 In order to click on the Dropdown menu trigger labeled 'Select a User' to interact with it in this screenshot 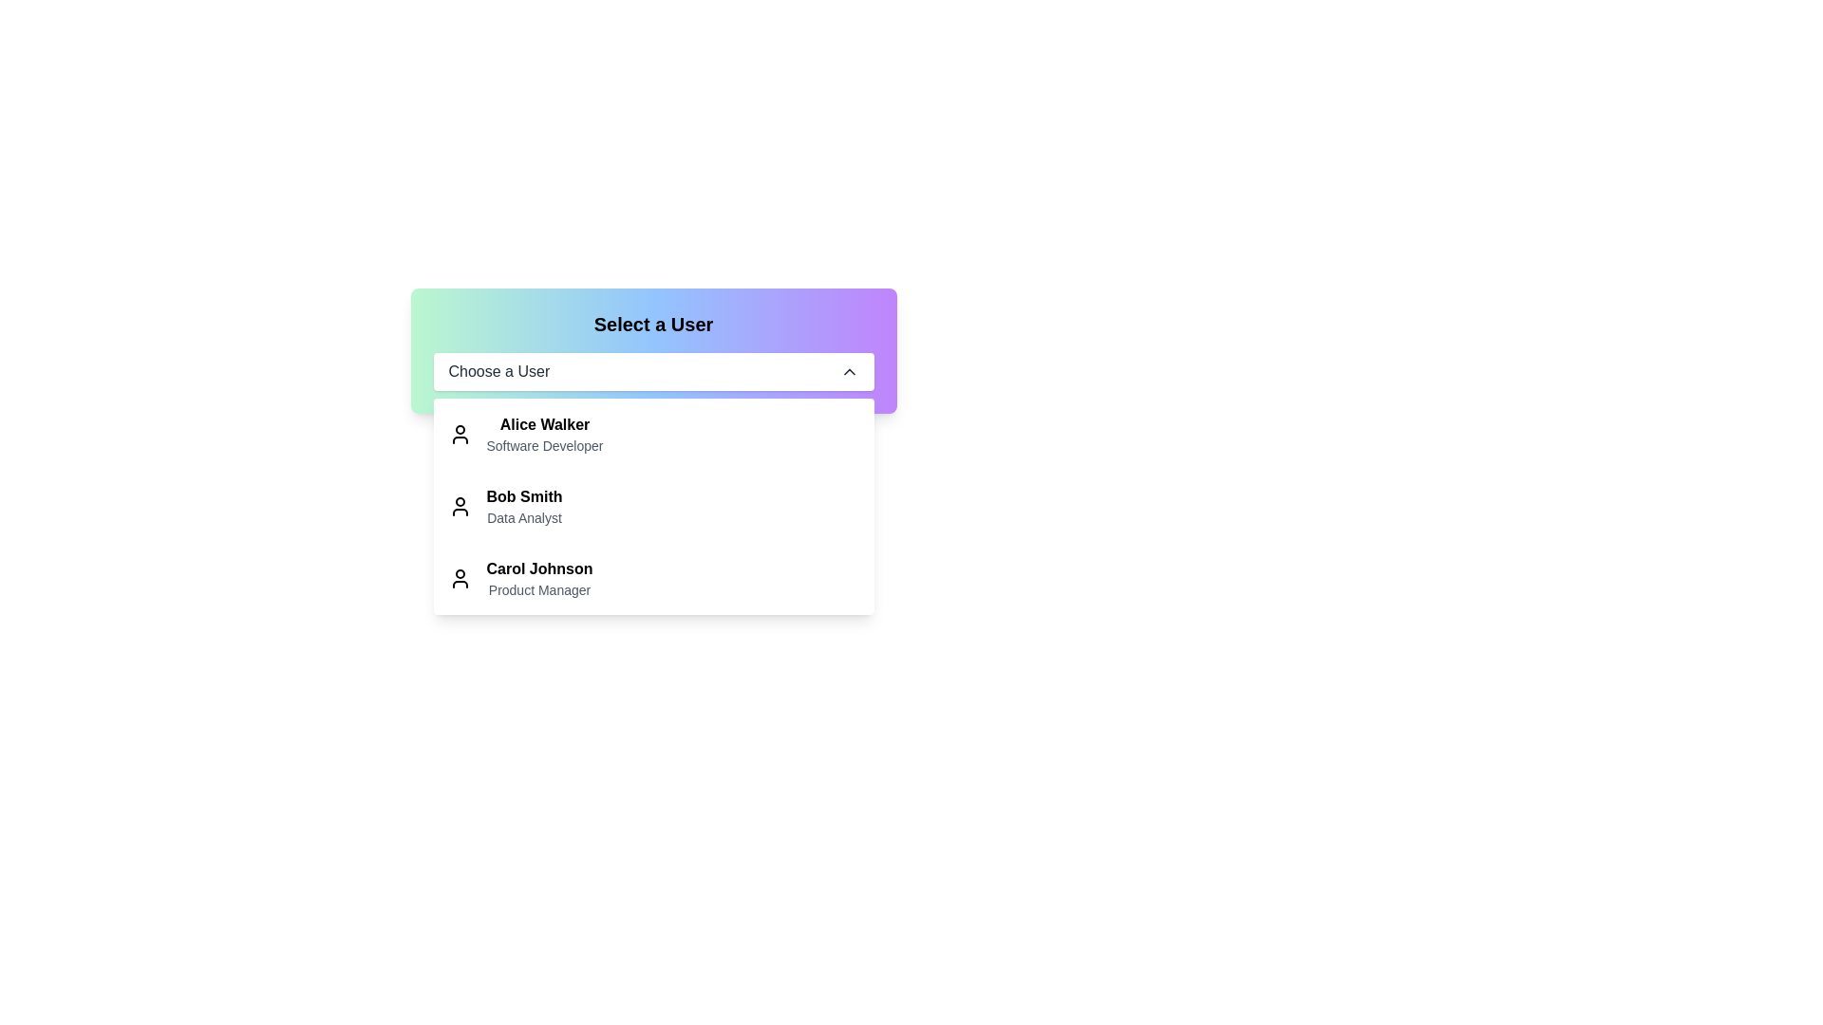, I will do `click(653, 372)`.